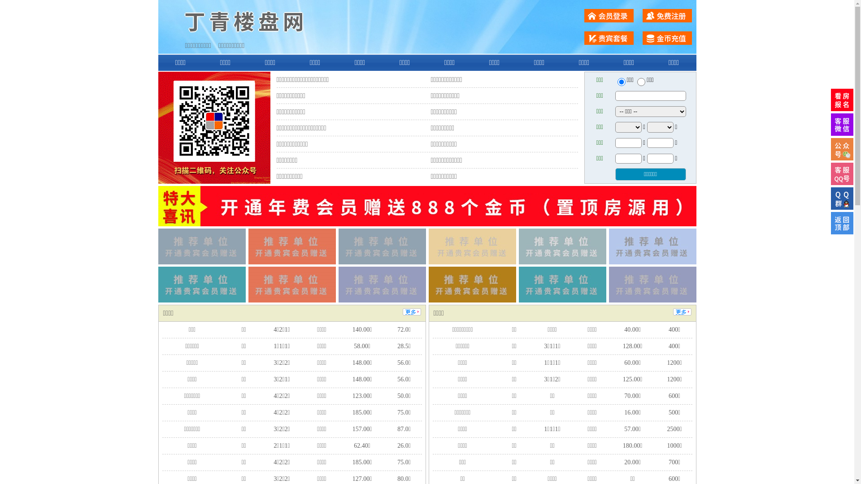 This screenshot has width=861, height=484. Describe the element at coordinates (617, 82) in the screenshot. I see `'ershou'` at that location.